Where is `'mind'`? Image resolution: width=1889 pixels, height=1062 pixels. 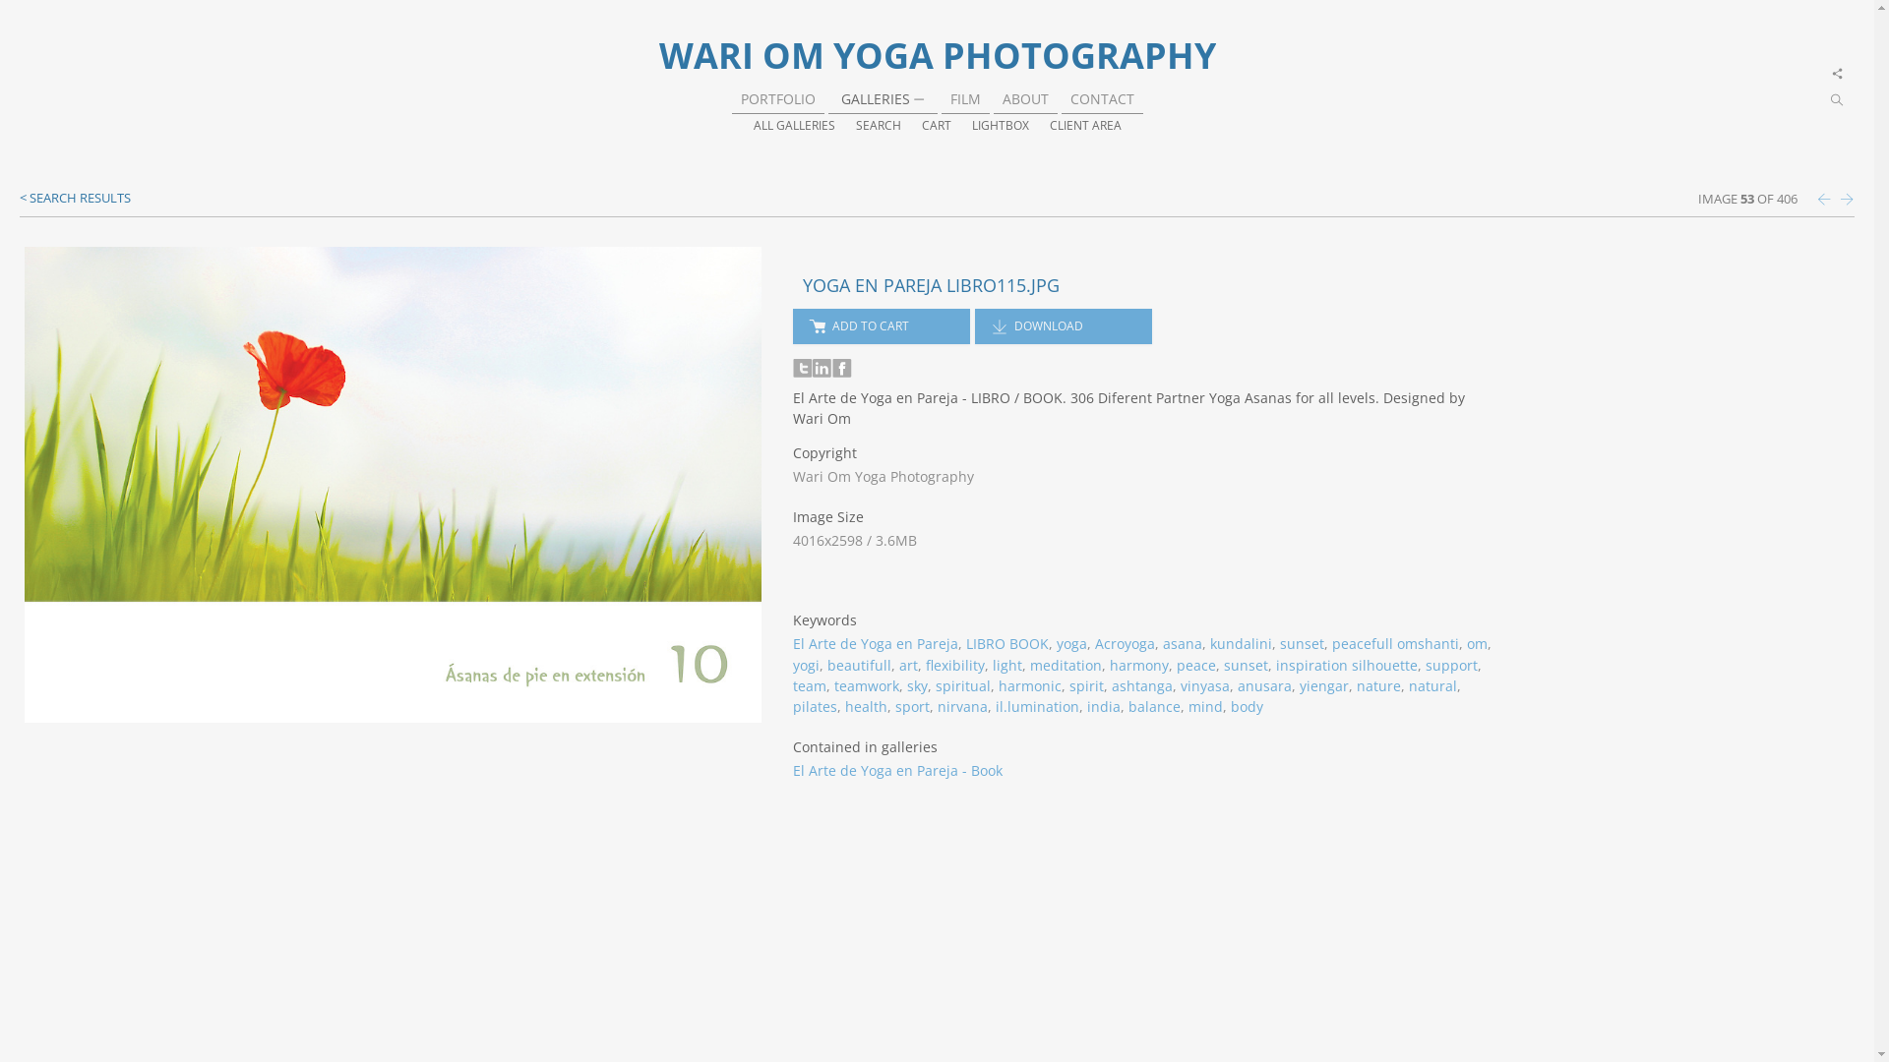
'mind' is located at coordinates (1204, 705).